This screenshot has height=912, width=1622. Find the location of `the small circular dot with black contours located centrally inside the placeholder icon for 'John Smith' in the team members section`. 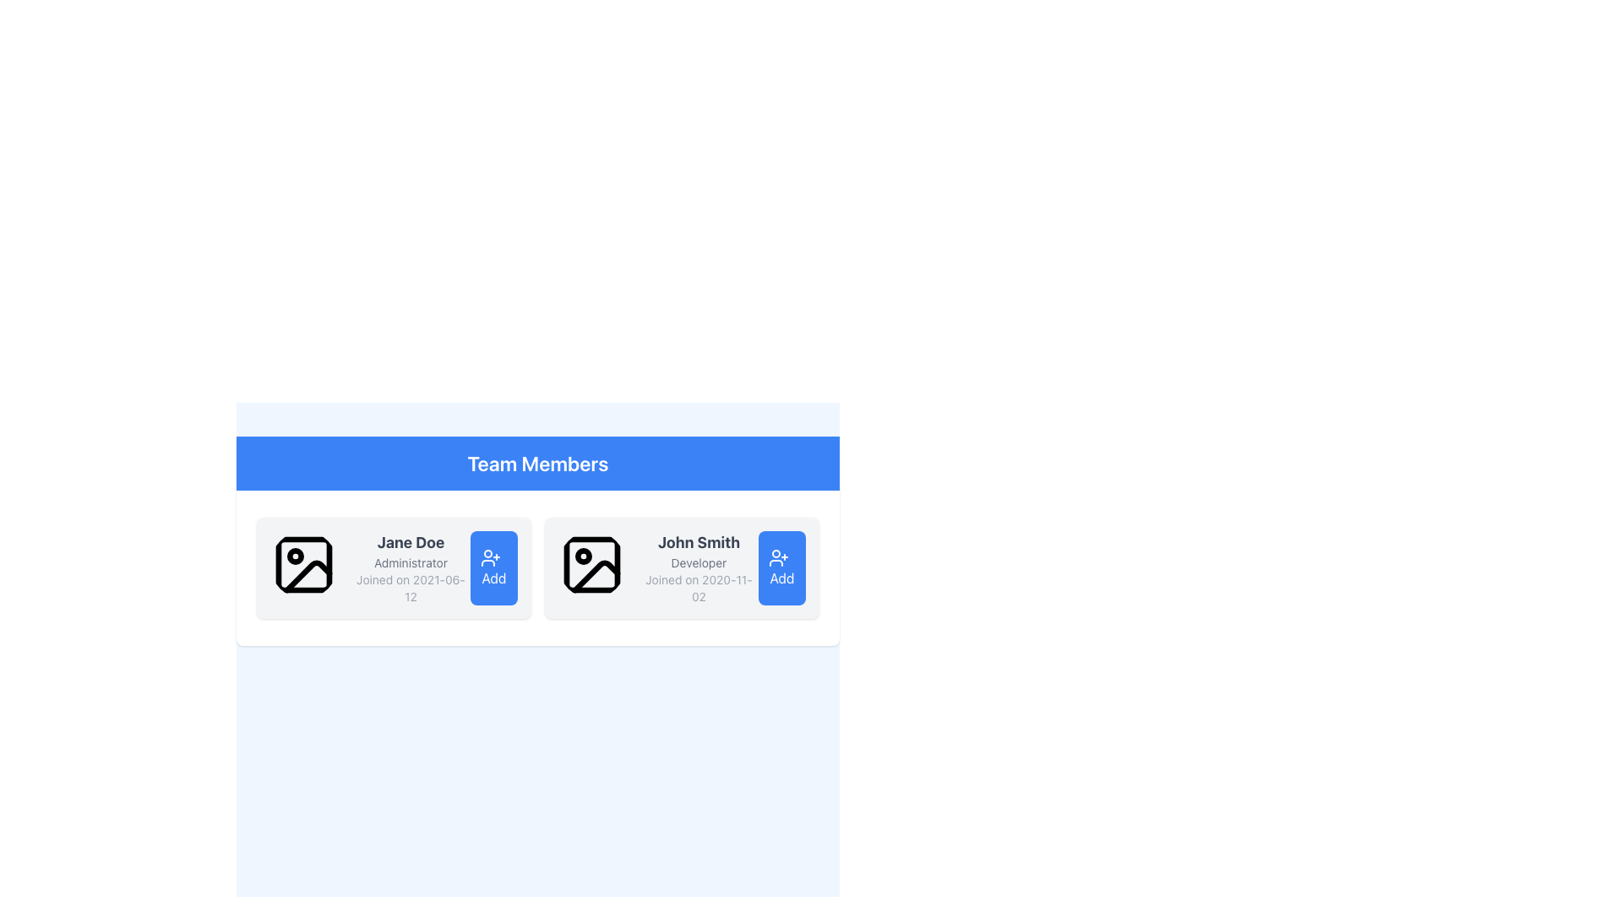

the small circular dot with black contours located centrally inside the placeholder icon for 'John Smith' in the team members section is located at coordinates (584, 556).